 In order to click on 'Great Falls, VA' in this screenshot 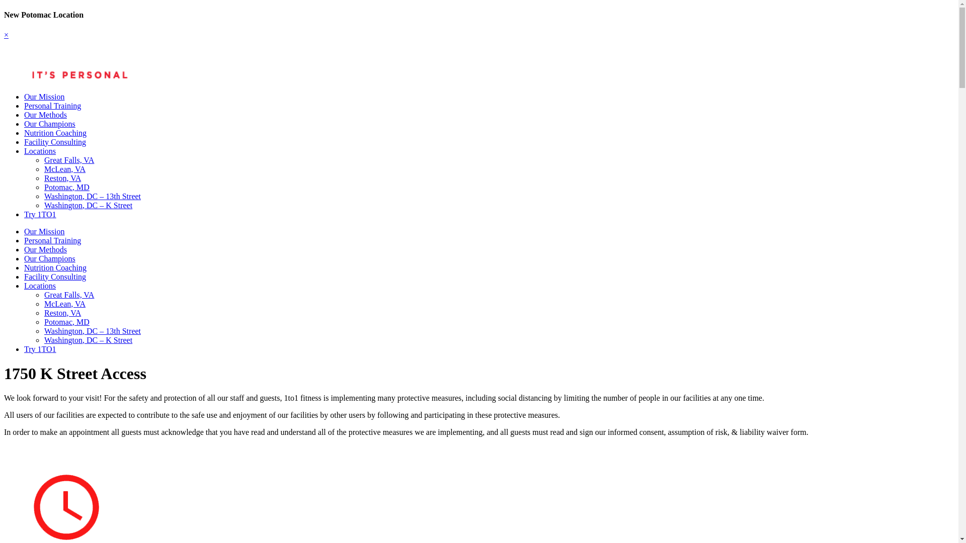, I will do `click(43, 294)`.